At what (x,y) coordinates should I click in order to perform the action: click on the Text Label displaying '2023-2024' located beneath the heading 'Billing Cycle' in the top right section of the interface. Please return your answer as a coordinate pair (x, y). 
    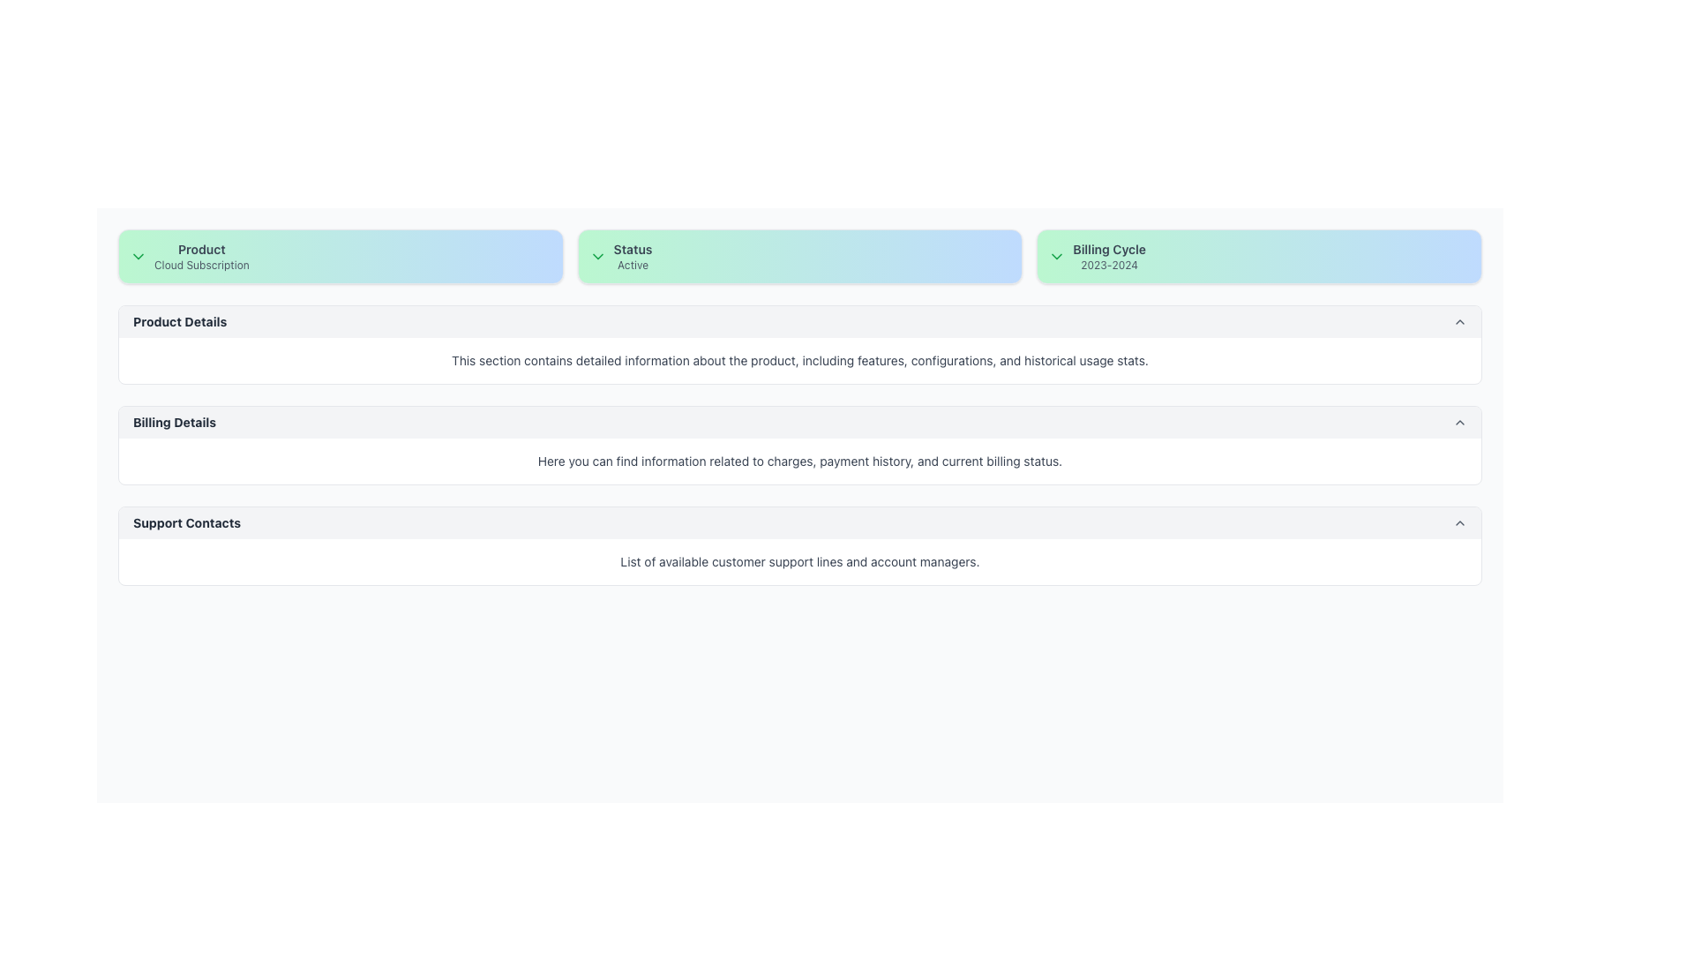
    Looking at the image, I should click on (1108, 265).